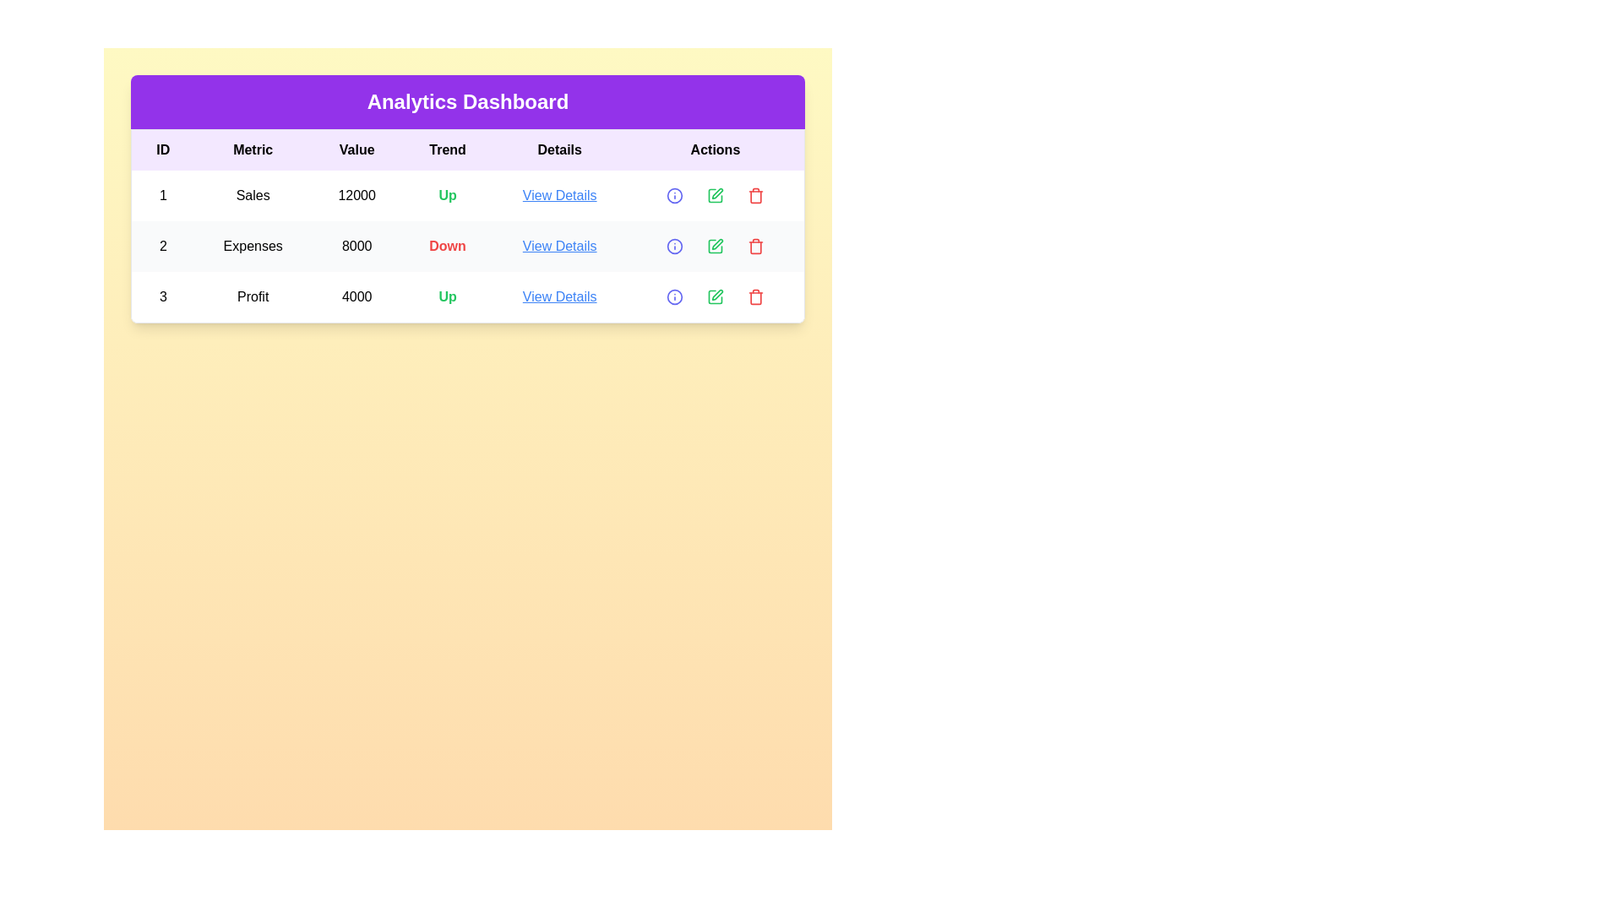  Describe the element at coordinates (356, 296) in the screenshot. I see `the static text element displaying '4000' in the 'Value' column of the data table labeled '3 Profit' under the 'Analytics Dashboard'` at that location.